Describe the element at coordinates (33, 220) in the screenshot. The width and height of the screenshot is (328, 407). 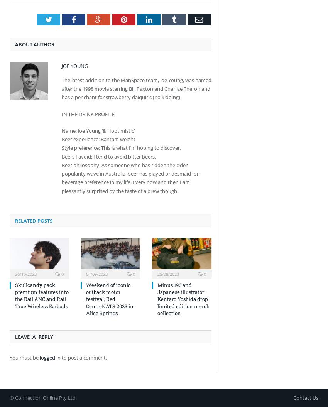
I see `'Related Posts'` at that location.